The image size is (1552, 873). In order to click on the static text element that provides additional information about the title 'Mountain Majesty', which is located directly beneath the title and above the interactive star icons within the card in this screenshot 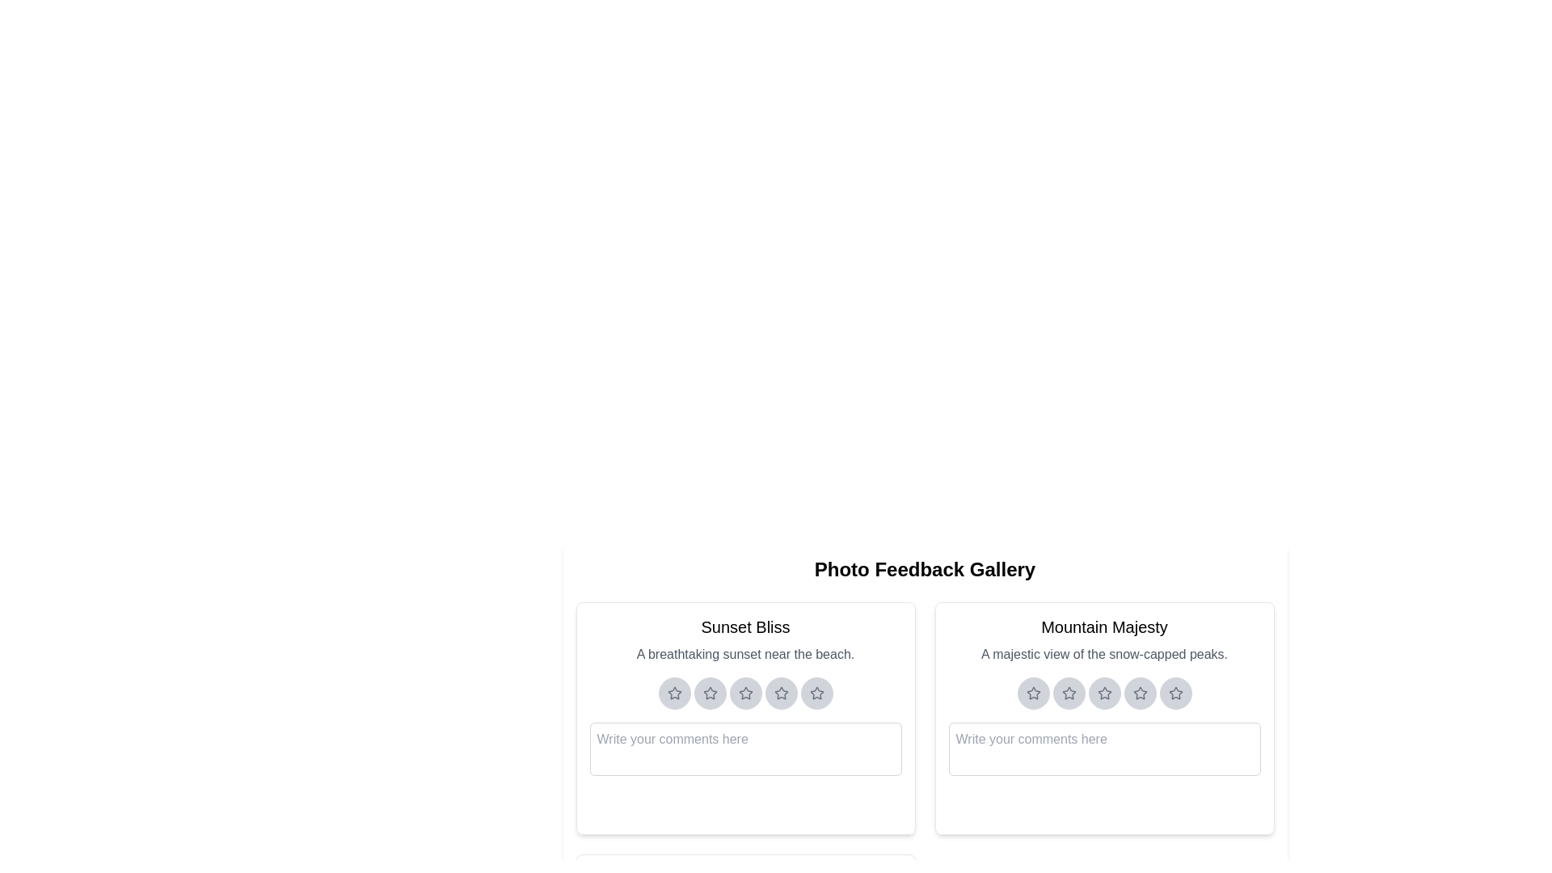, I will do `click(1103, 655)`.